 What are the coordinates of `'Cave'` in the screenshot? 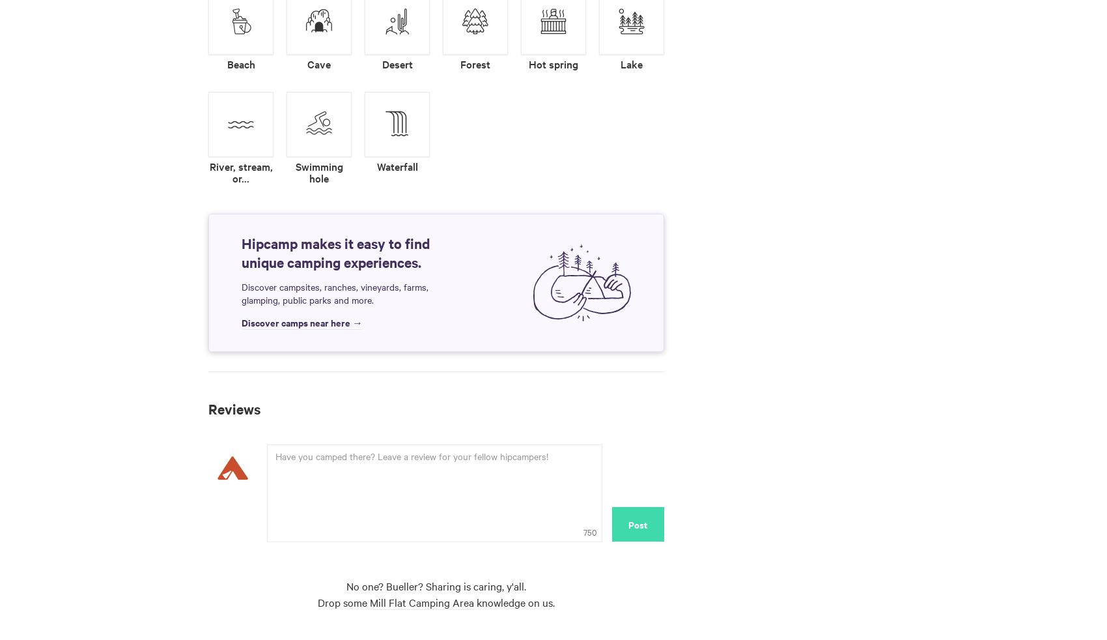 It's located at (318, 63).